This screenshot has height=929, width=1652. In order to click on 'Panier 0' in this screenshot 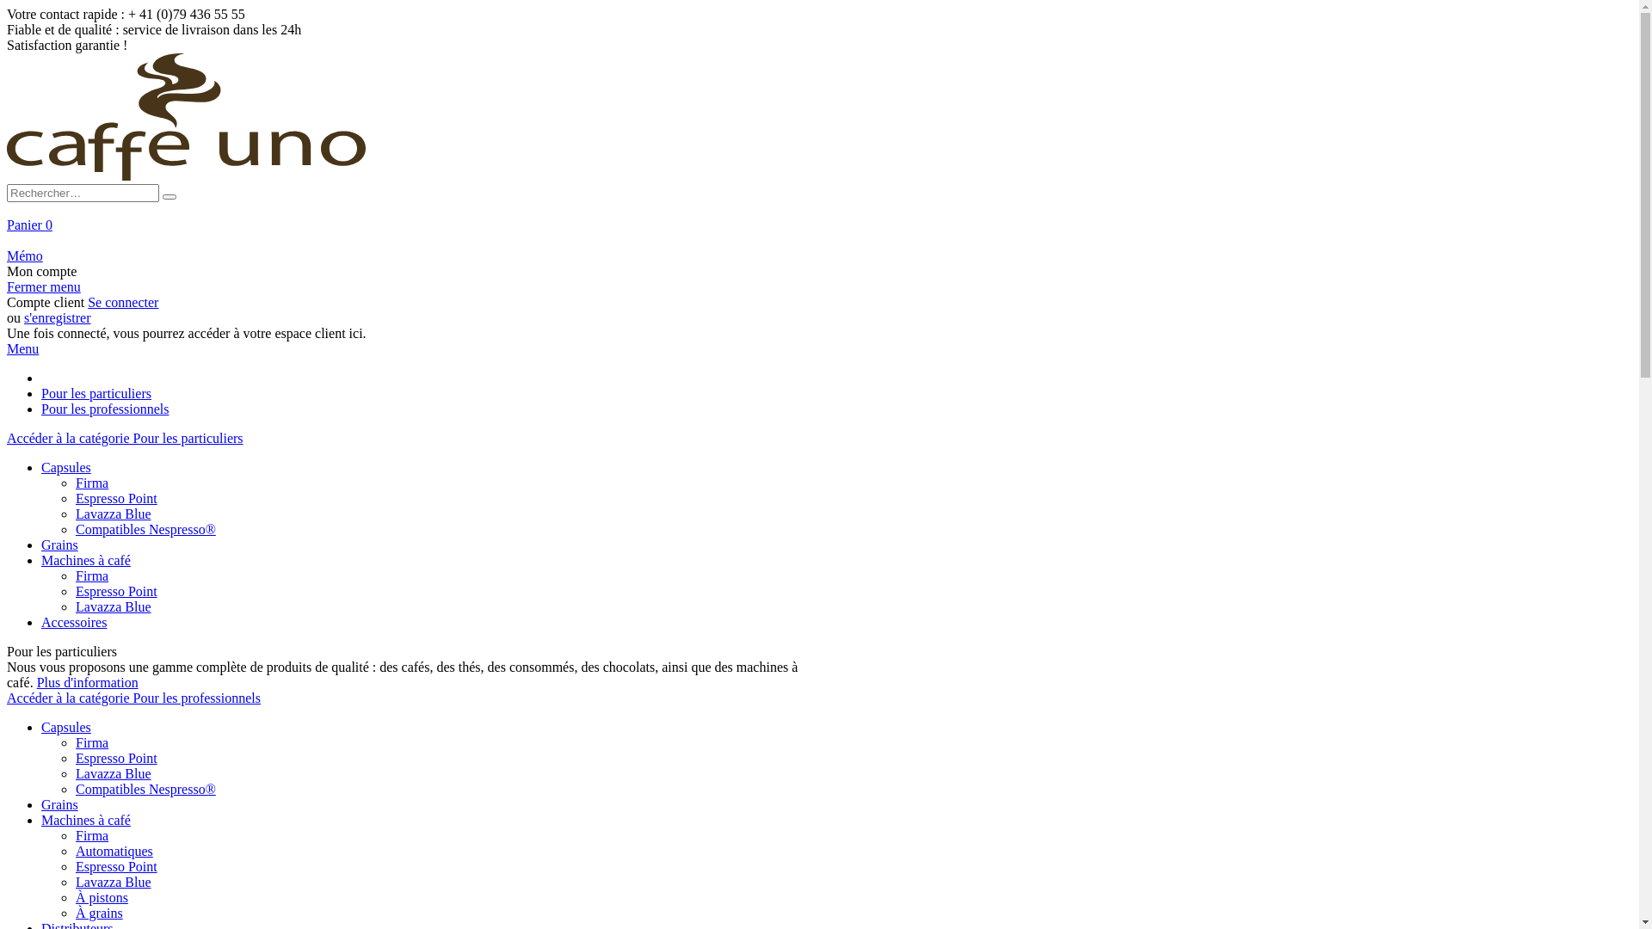, I will do `click(29, 223)`.